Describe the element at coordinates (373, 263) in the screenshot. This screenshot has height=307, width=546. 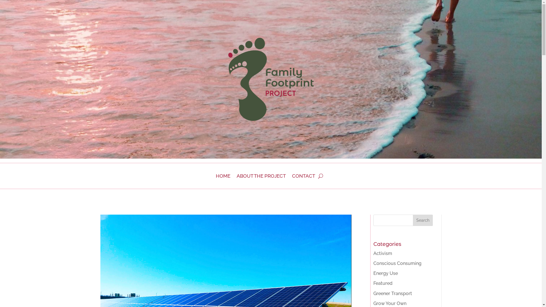
I see `'Conscious Consuming'` at that location.